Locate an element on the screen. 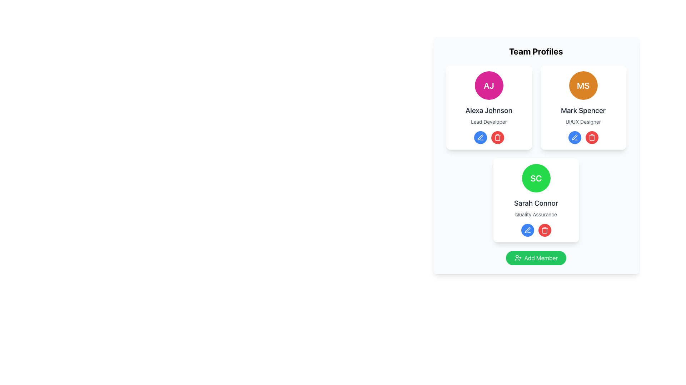  the text label describing the role or position of 'Mark Spencer' within his profile card, located beneath his name and above the action buttons is located at coordinates (583, 122).